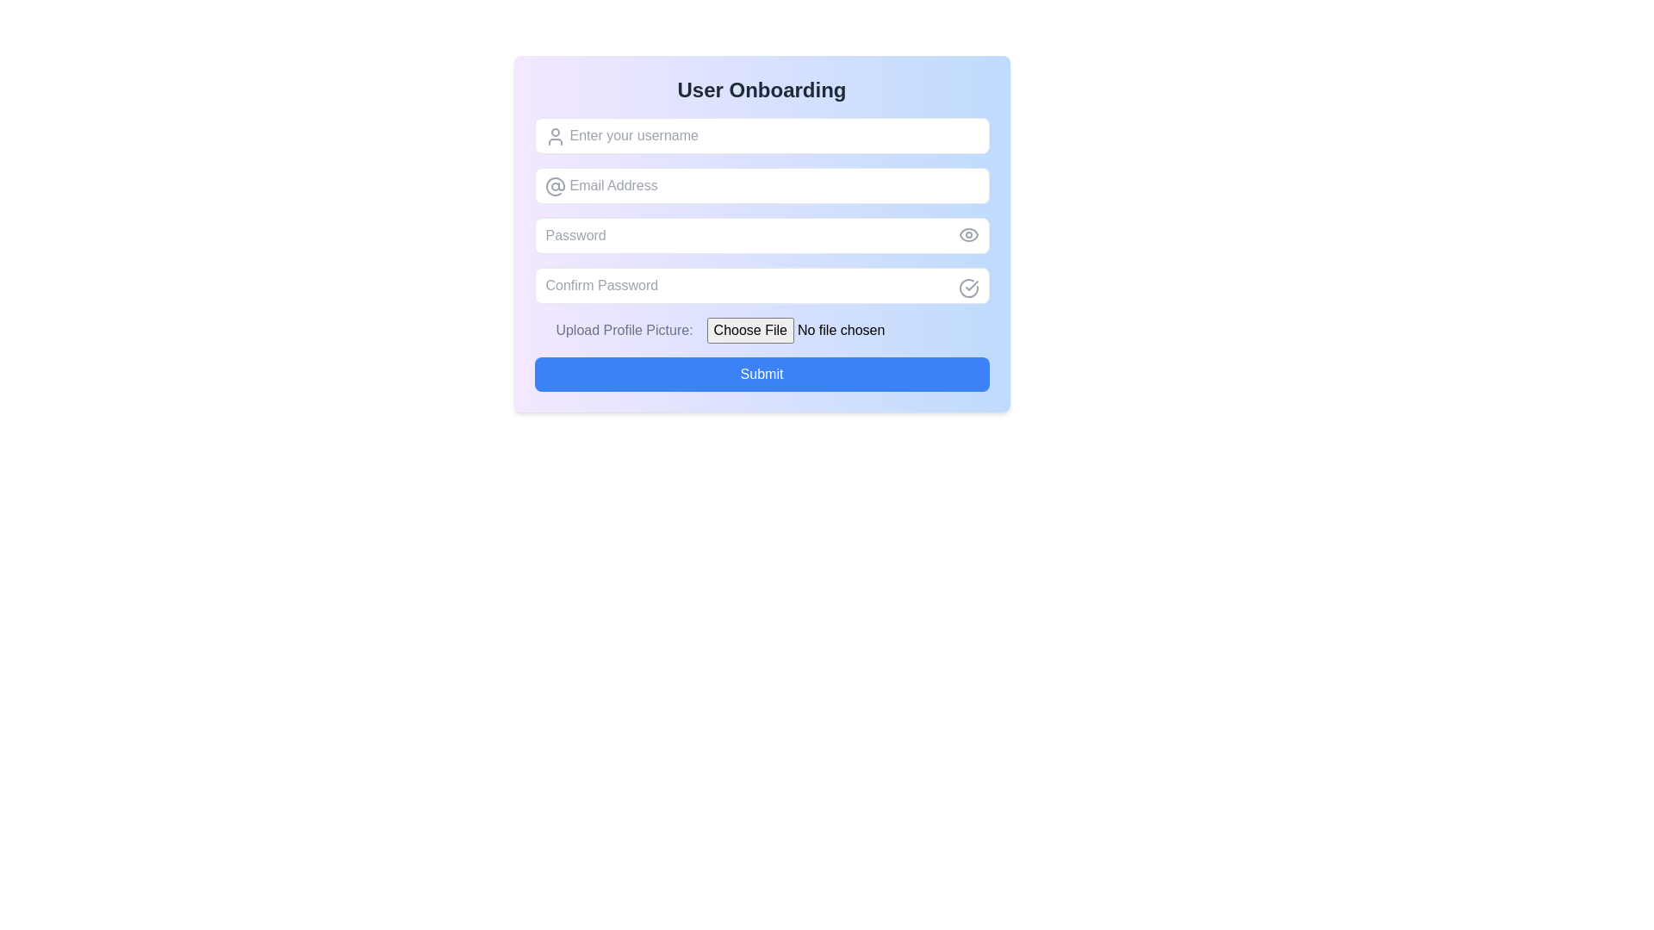 The height and width of the screenshot is (930, 1654). What do you see at coordinates (761, 90) in the screenshot?
I see `the text label that serves as the title or heading for the form component, located at the top of a card-like component` at bounding box center [761, 90].